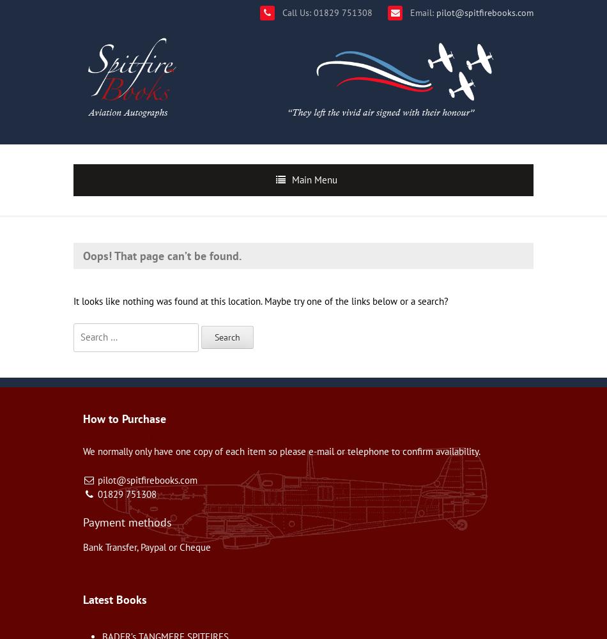  Describe the element at coordinates (115, 599) in the screenshot. I see `'Latest Books'` at that location.